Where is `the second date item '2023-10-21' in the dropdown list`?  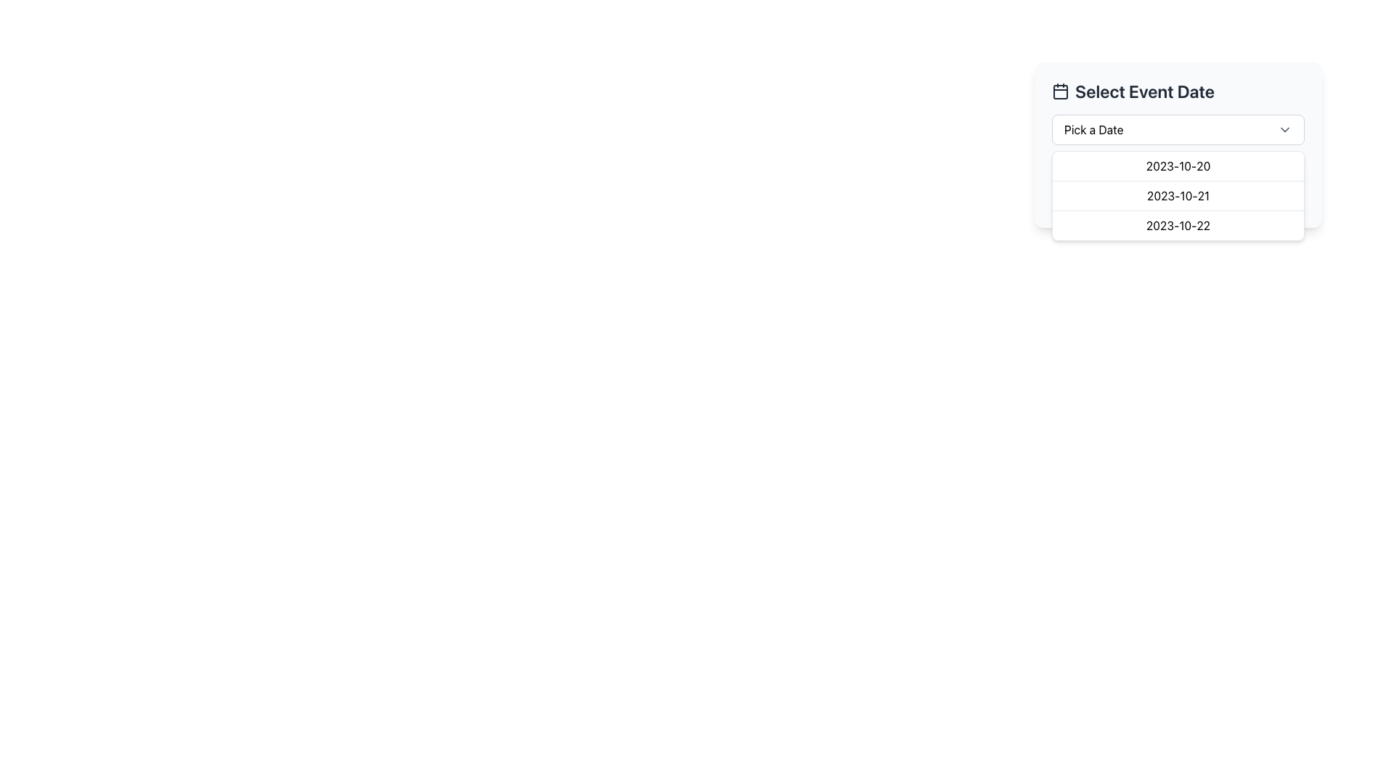 the second date item '2023-10-21' in the dropdown list is located at coordinates (1178, 195).